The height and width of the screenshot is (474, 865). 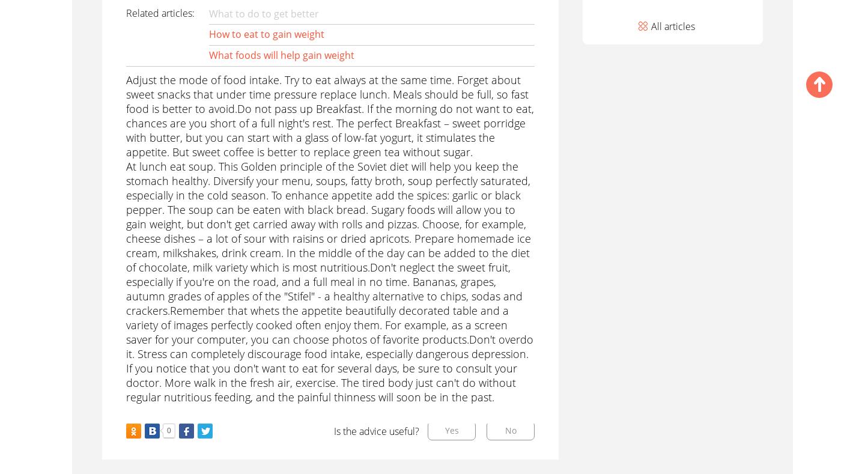 I want to click on 'How to eat to gain weight', so click(x=266, y=33).